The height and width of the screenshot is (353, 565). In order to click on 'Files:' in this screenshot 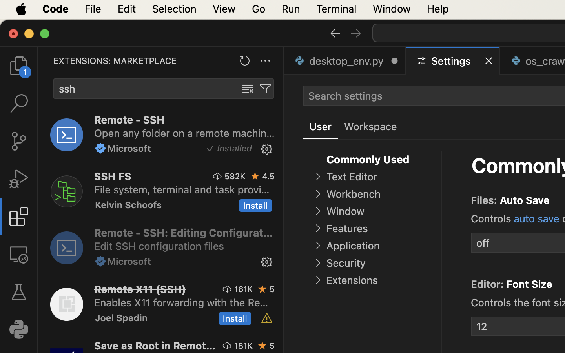, I will do `click(485, 200)`.